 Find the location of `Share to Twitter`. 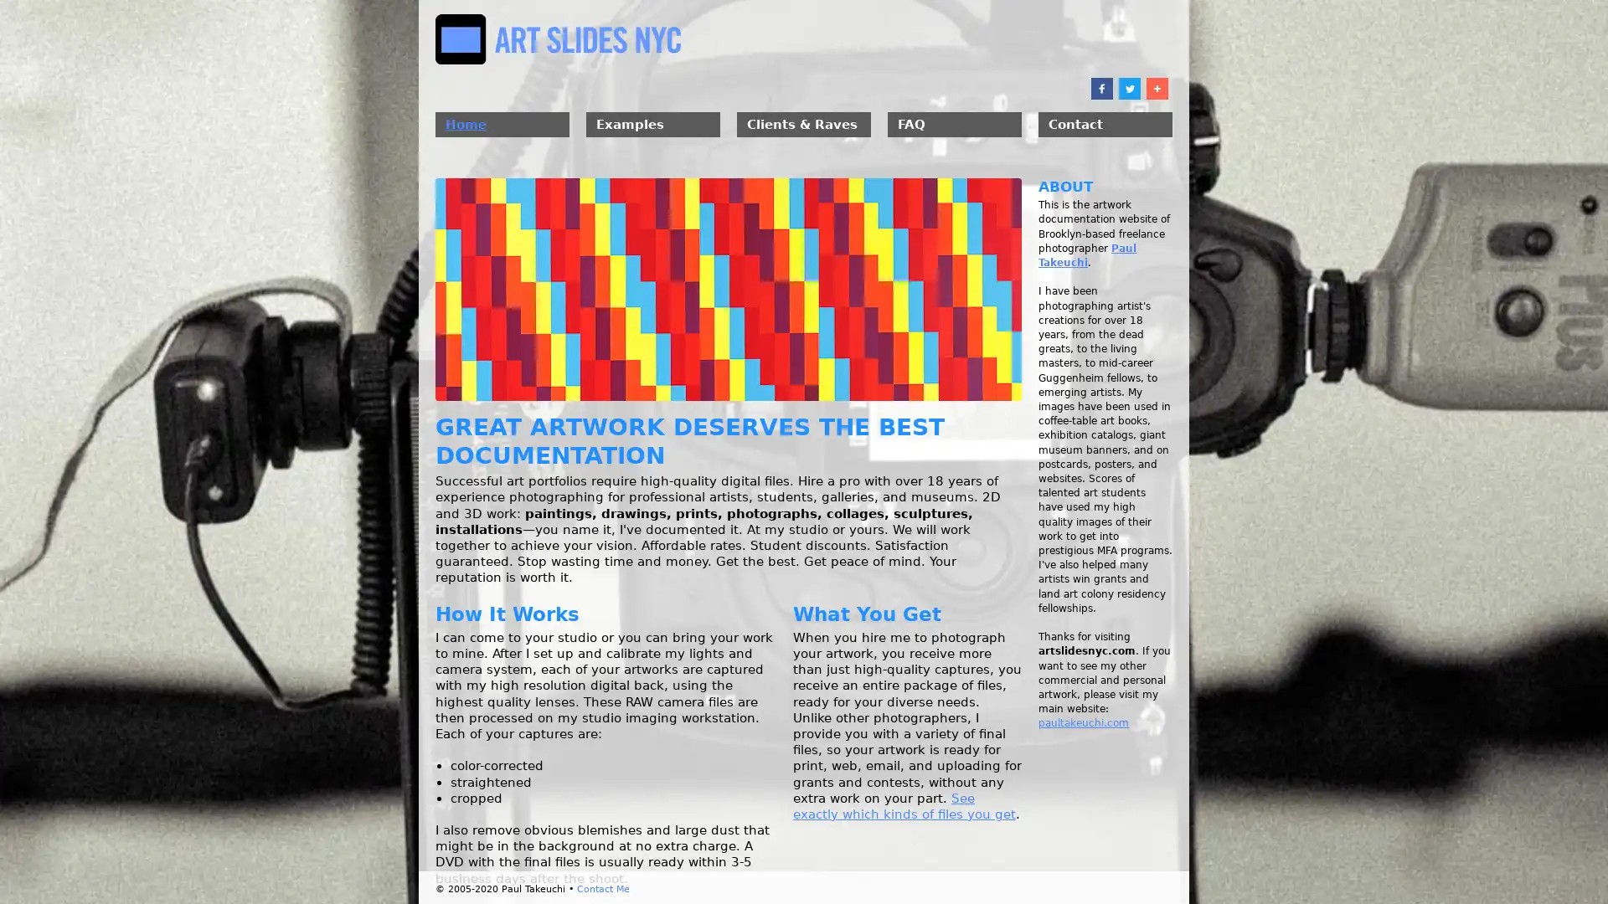

Share to Twitter is located at coordinates (1110, 87).